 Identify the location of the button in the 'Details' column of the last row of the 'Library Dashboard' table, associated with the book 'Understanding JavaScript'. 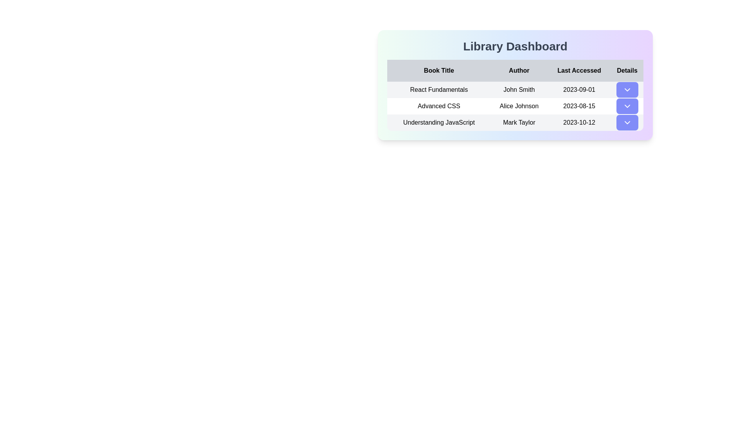
(627, 122).